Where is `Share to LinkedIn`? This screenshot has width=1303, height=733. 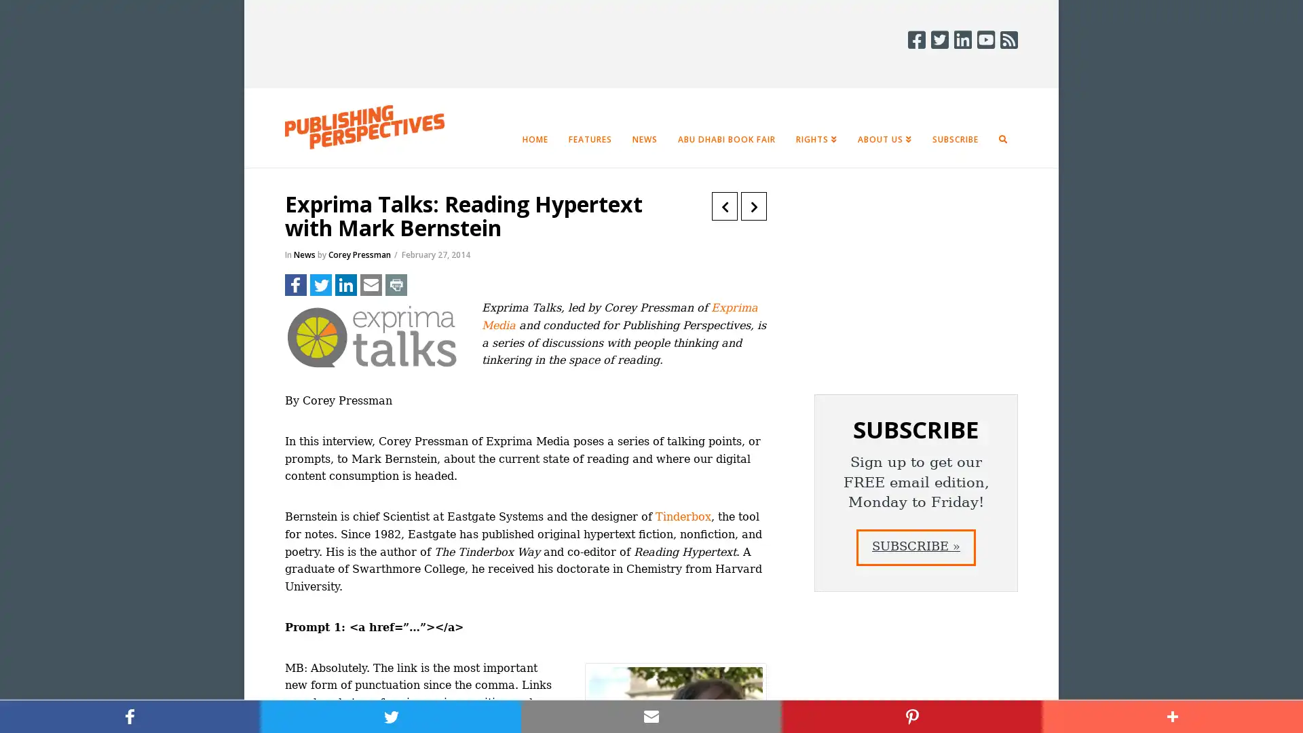 Share to LinkedIn is located at coordinates (345, 284).